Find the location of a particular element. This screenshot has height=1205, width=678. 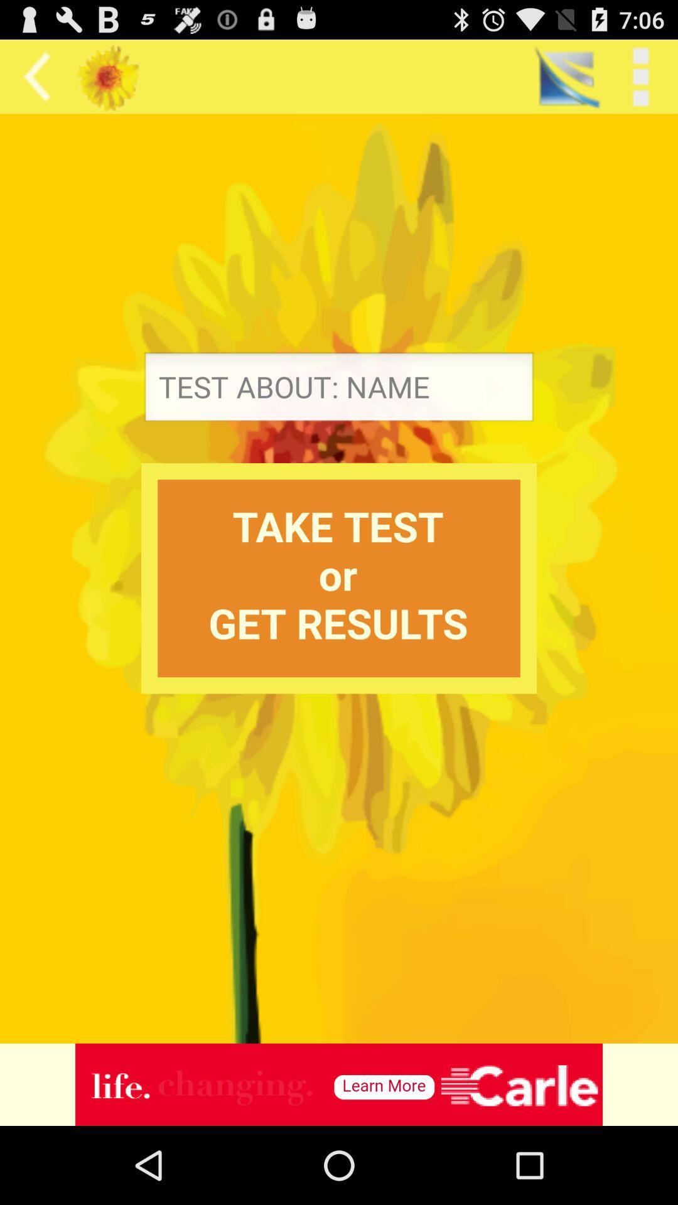

advertisement is located at coordinates (339, 1084).